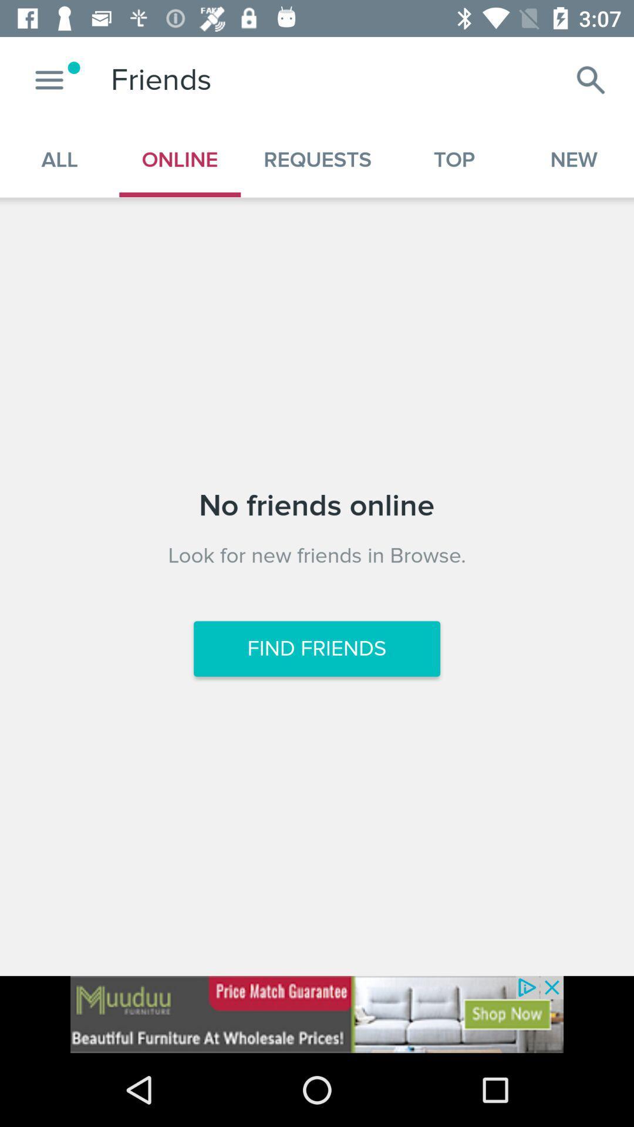  Describe the element at coordinates (317, 1014) in the screenshot. I see `advertisement` at that location.